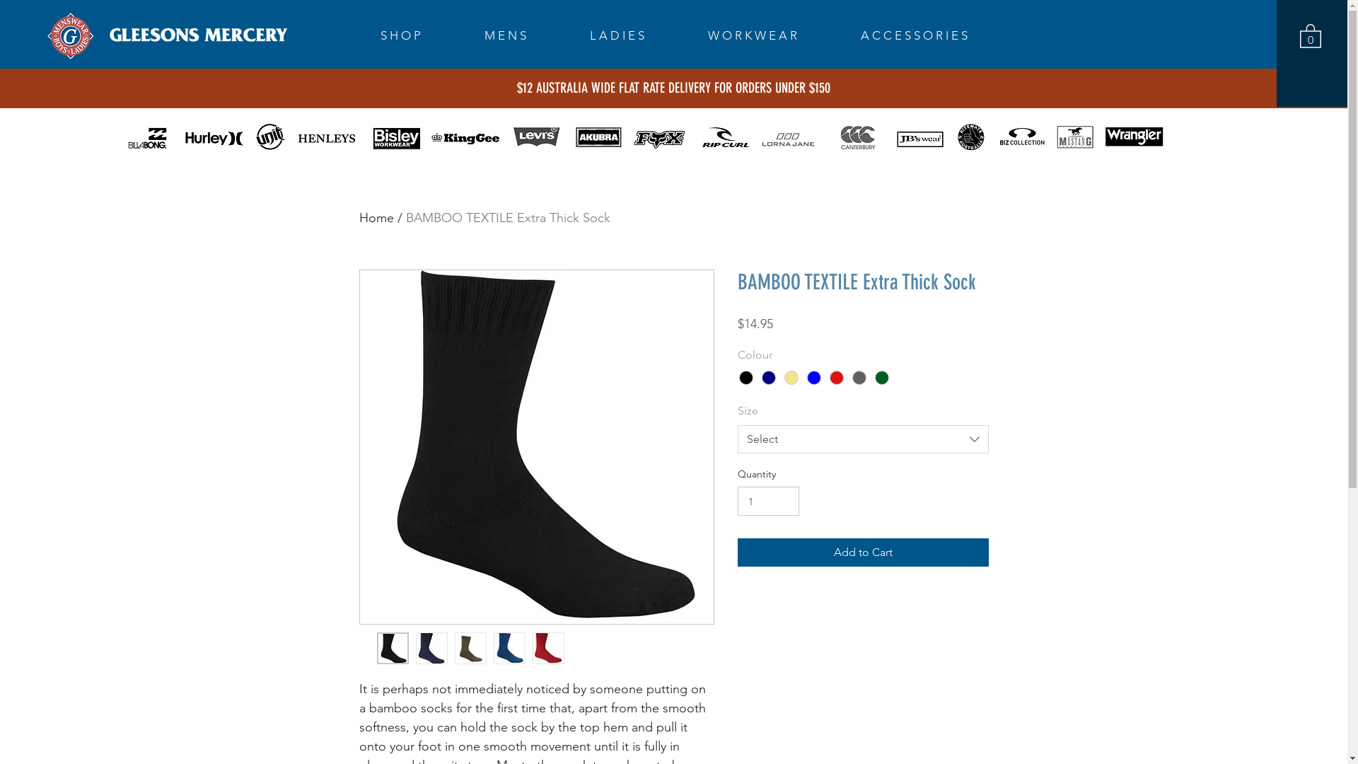 The height and width of the screenshot is (764, 1358). Describe the element at coordinates (578, 35) in the screenshot. I see `'L A D I E S'` at that location.